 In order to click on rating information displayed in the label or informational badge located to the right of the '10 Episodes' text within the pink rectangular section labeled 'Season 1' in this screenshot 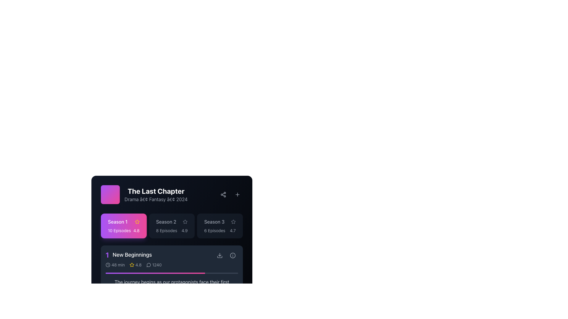, I will do `click(136, 230)`.